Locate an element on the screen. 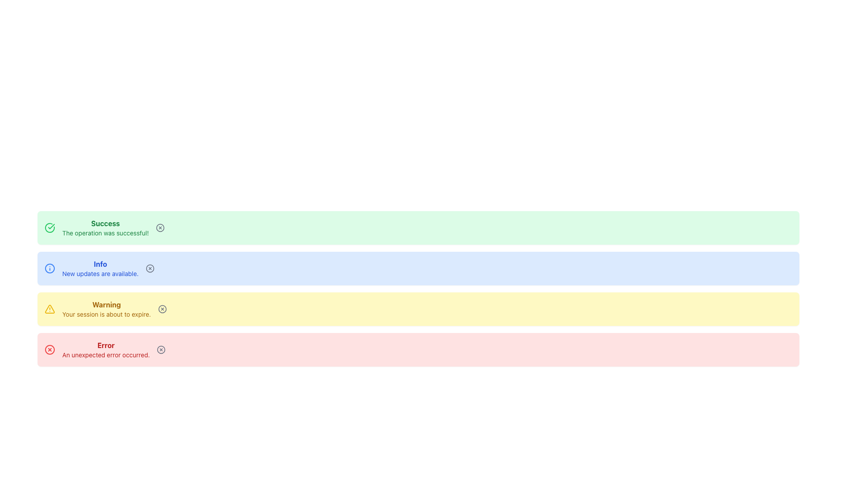  error message displayed in the red Notification Bar, which is the last in a vertical stack of notifications is located at coordinates (418, 349).